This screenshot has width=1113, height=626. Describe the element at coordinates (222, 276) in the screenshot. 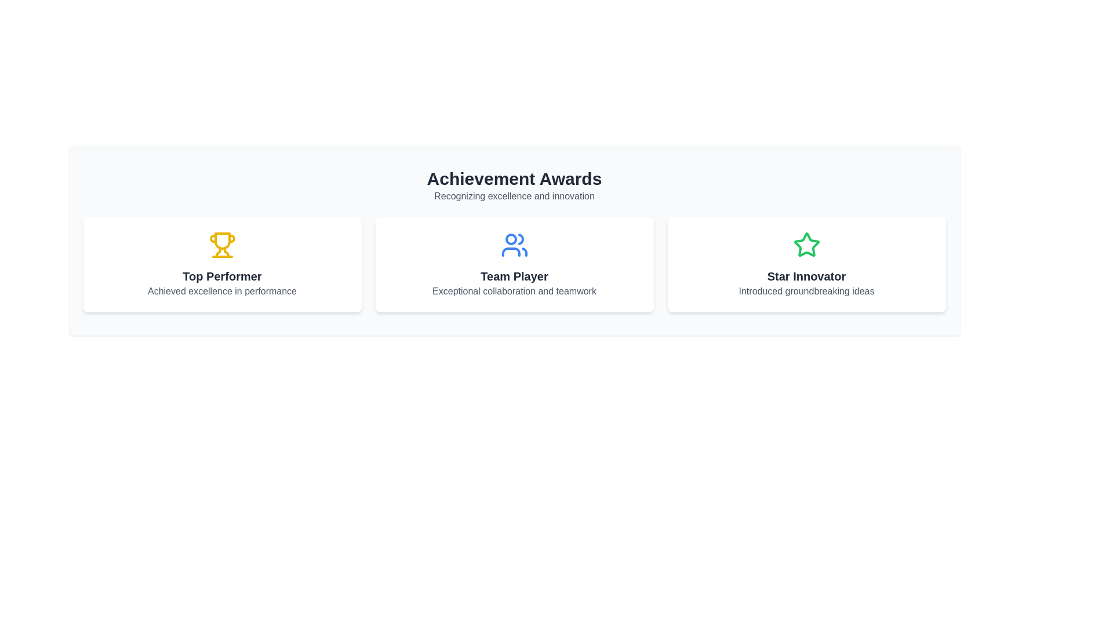

I see `the title text label of the leftmost achievement card, which is positioned below the gold trophy icon and above the description 'Achieved excellence in performance'` at that location.